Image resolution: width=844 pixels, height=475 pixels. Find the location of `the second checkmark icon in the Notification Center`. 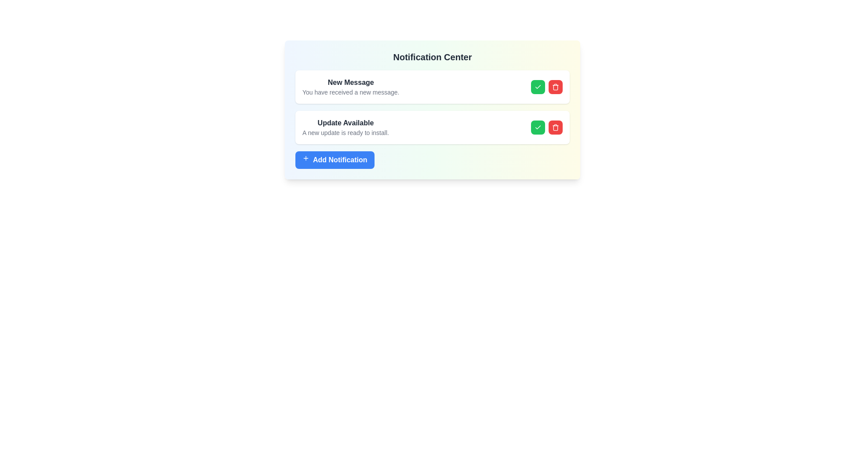

the second checkmark icon in the Notification Center is located at coordinates (538, 127).